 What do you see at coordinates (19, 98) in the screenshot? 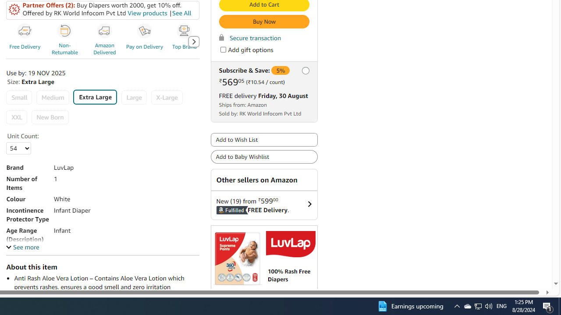
I see `'Small'` at bounding box center [19, 98].